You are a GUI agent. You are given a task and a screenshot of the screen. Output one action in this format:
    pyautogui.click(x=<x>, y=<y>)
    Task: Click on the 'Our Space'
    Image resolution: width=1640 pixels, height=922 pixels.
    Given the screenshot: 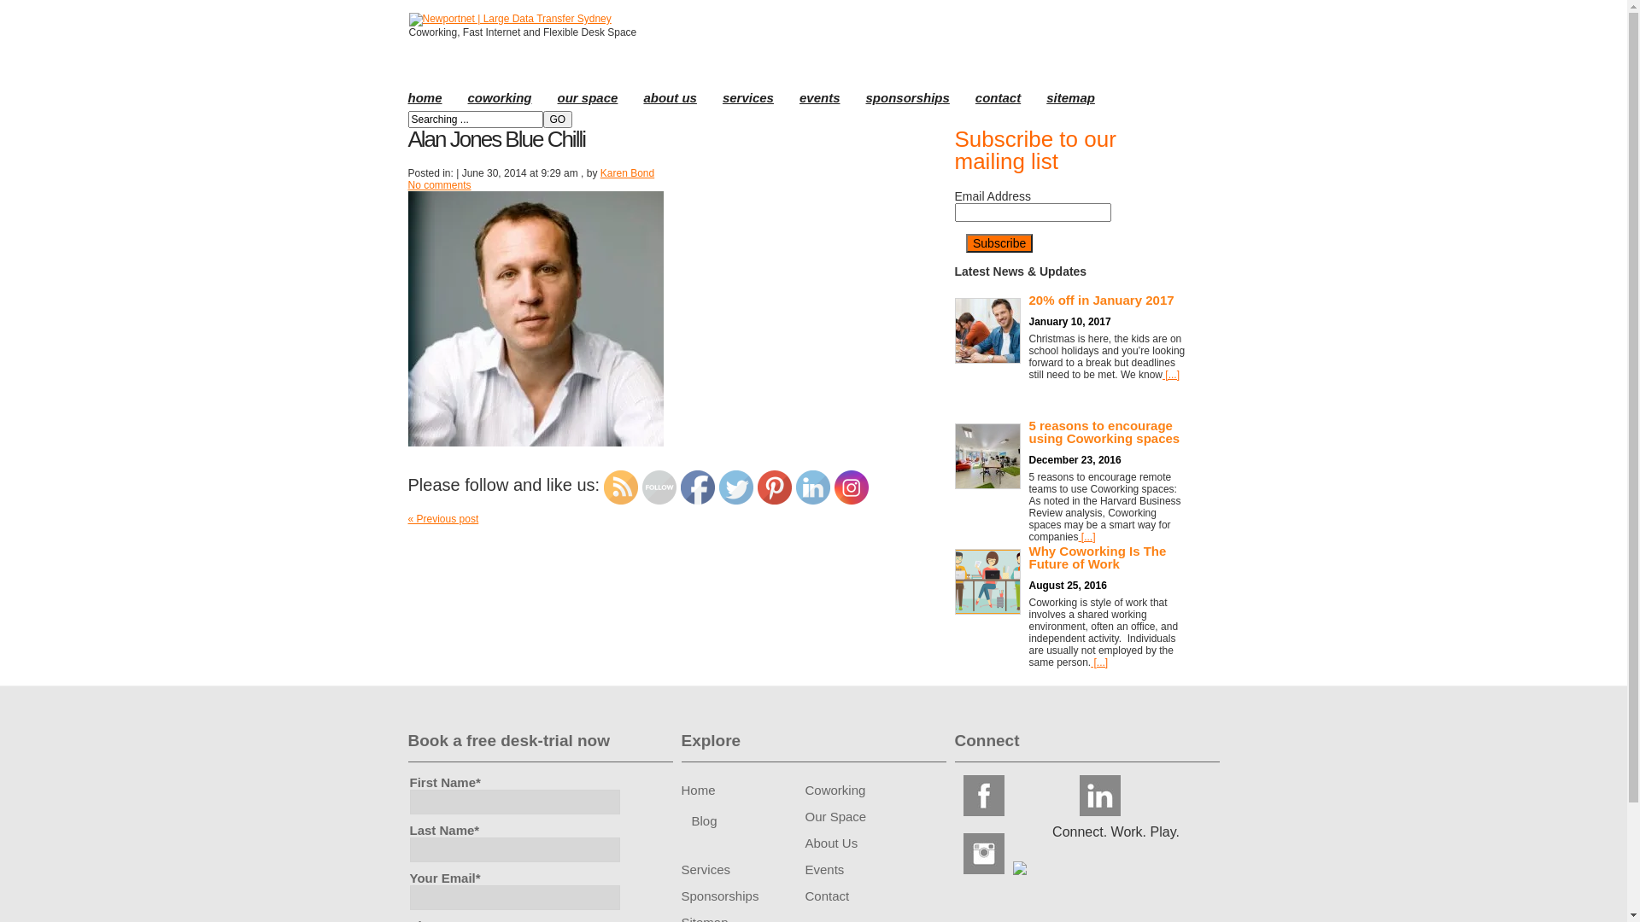 What is the action you would take?
    pyautogui.click(x=835, y=815)
    